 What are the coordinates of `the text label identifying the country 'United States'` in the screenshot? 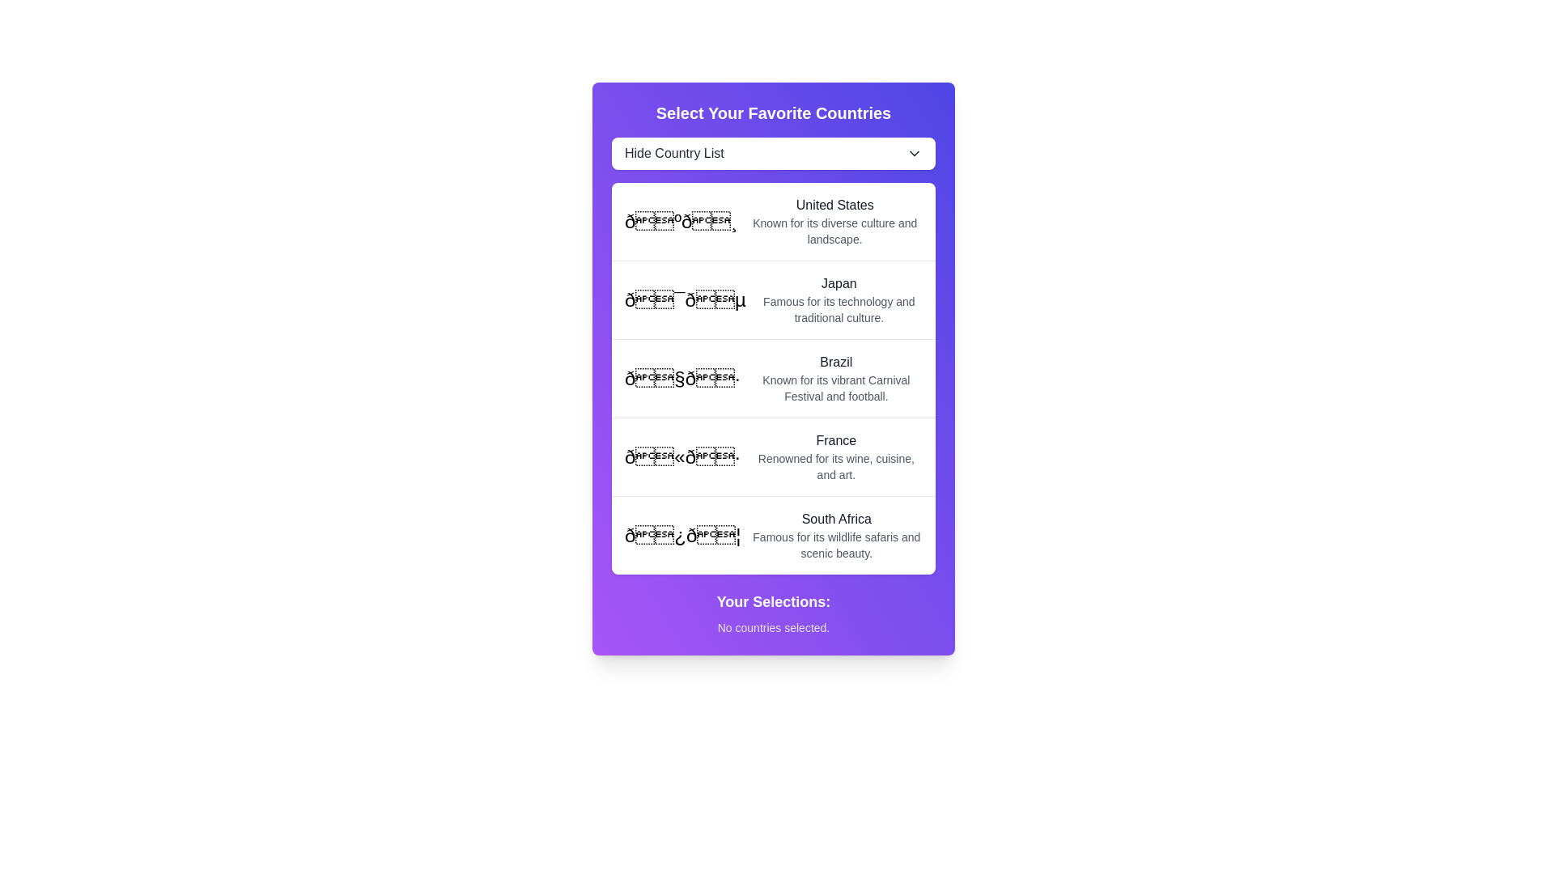 It's located at (834, 205).